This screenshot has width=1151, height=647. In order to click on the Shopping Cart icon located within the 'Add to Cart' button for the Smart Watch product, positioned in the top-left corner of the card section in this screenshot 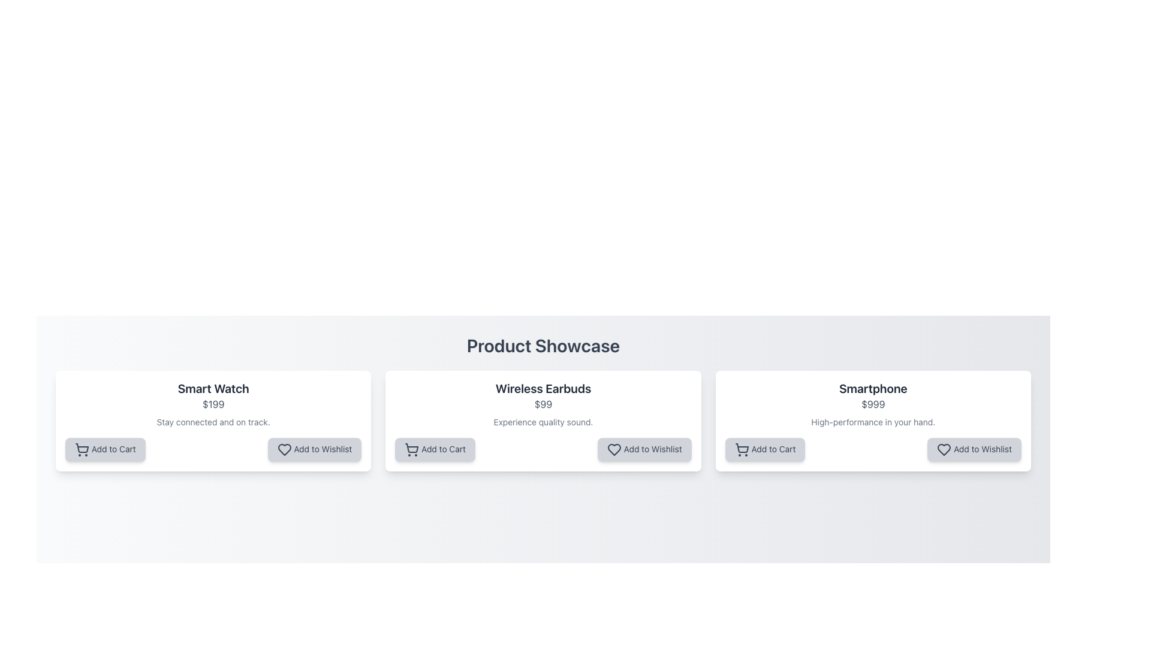, I will do `click(82, 448)`.